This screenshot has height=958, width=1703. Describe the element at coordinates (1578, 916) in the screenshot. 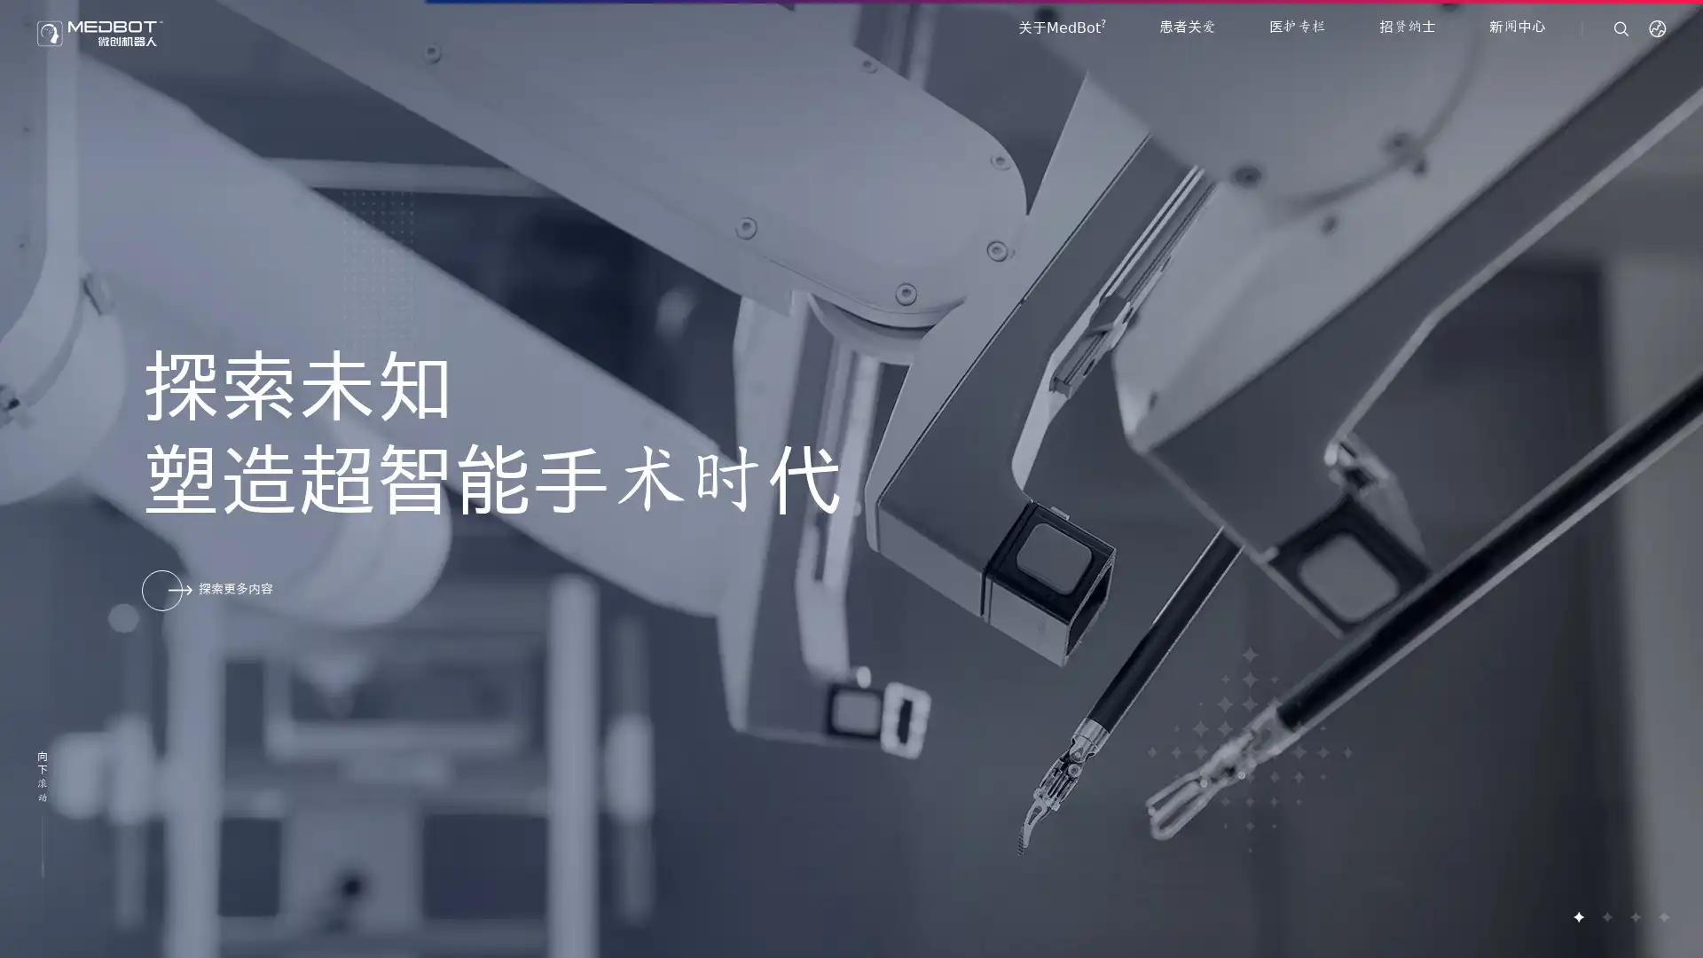

I see `Go to slide 1` at that location.